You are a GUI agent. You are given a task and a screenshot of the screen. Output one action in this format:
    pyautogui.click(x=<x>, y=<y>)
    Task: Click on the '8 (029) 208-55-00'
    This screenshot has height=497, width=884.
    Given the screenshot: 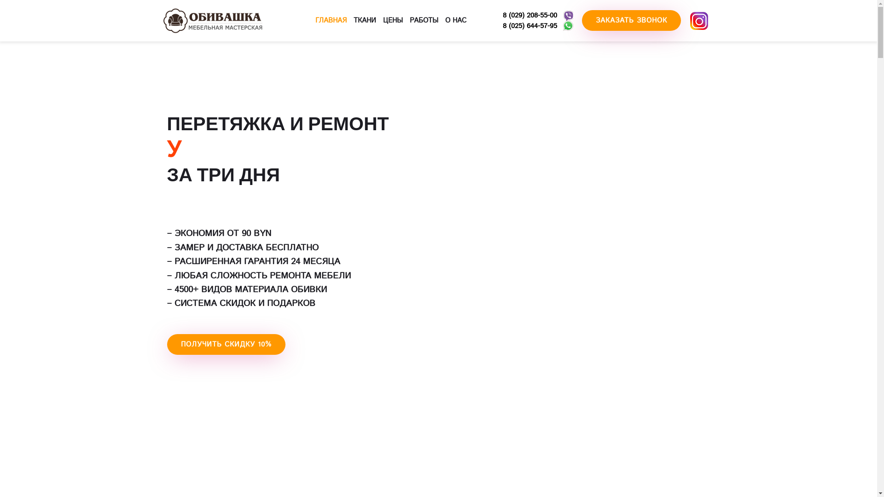 What is the action you would take?
    pyautogui.click(x=502, y=15)
    